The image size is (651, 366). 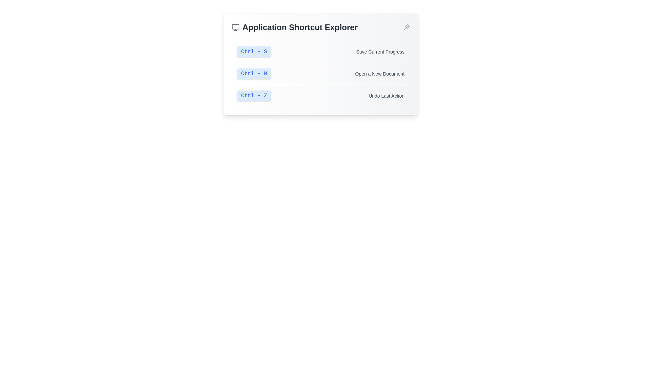 I want to click on the label displaying 'Ctrl + N' which has a blue background and is located adjacent to the text 'Open a New Document', so click(x=254, y=74).